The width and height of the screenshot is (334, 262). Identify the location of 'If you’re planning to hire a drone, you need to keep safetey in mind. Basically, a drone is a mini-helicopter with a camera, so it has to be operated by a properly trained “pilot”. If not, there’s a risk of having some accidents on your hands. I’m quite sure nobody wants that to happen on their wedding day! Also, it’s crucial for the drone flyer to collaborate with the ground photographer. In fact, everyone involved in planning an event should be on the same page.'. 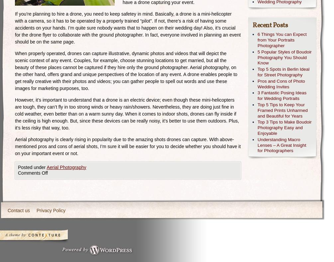
(128, 28).